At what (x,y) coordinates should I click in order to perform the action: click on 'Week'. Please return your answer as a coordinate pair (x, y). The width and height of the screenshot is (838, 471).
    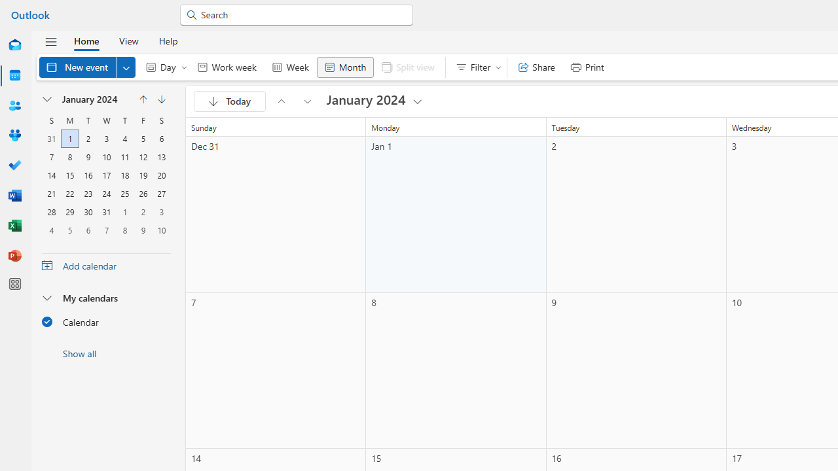
    Looking at the image, I should click on (289, 67).